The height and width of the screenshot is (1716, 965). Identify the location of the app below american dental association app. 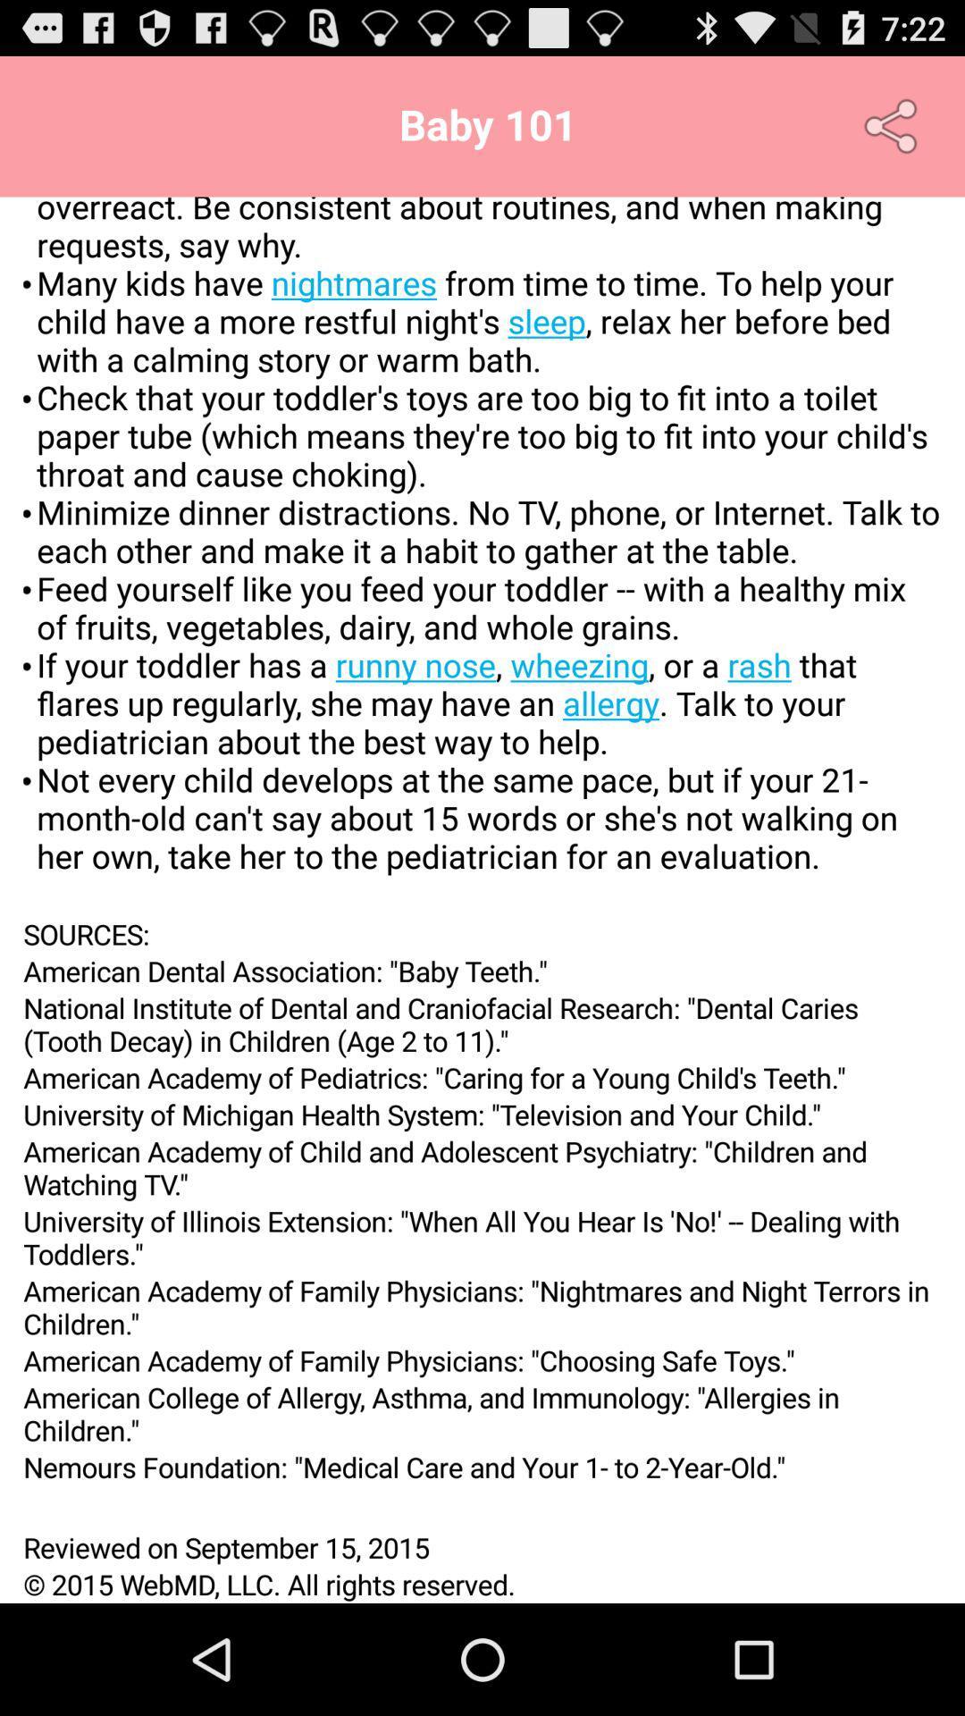
(482, 1024).